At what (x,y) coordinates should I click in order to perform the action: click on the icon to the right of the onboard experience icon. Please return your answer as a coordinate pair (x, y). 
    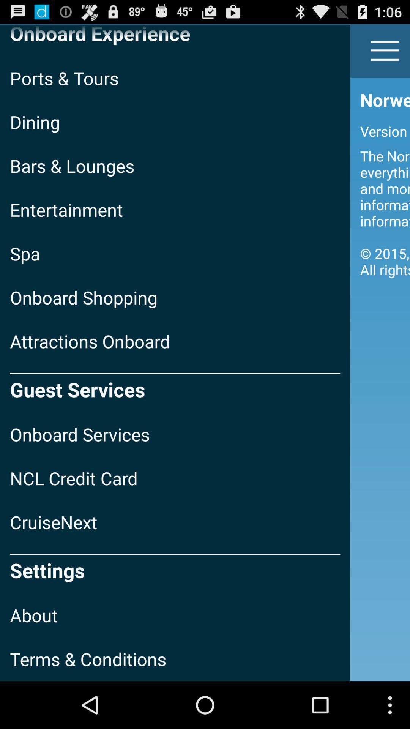
    Looking at the image, I should click on (385, 50).